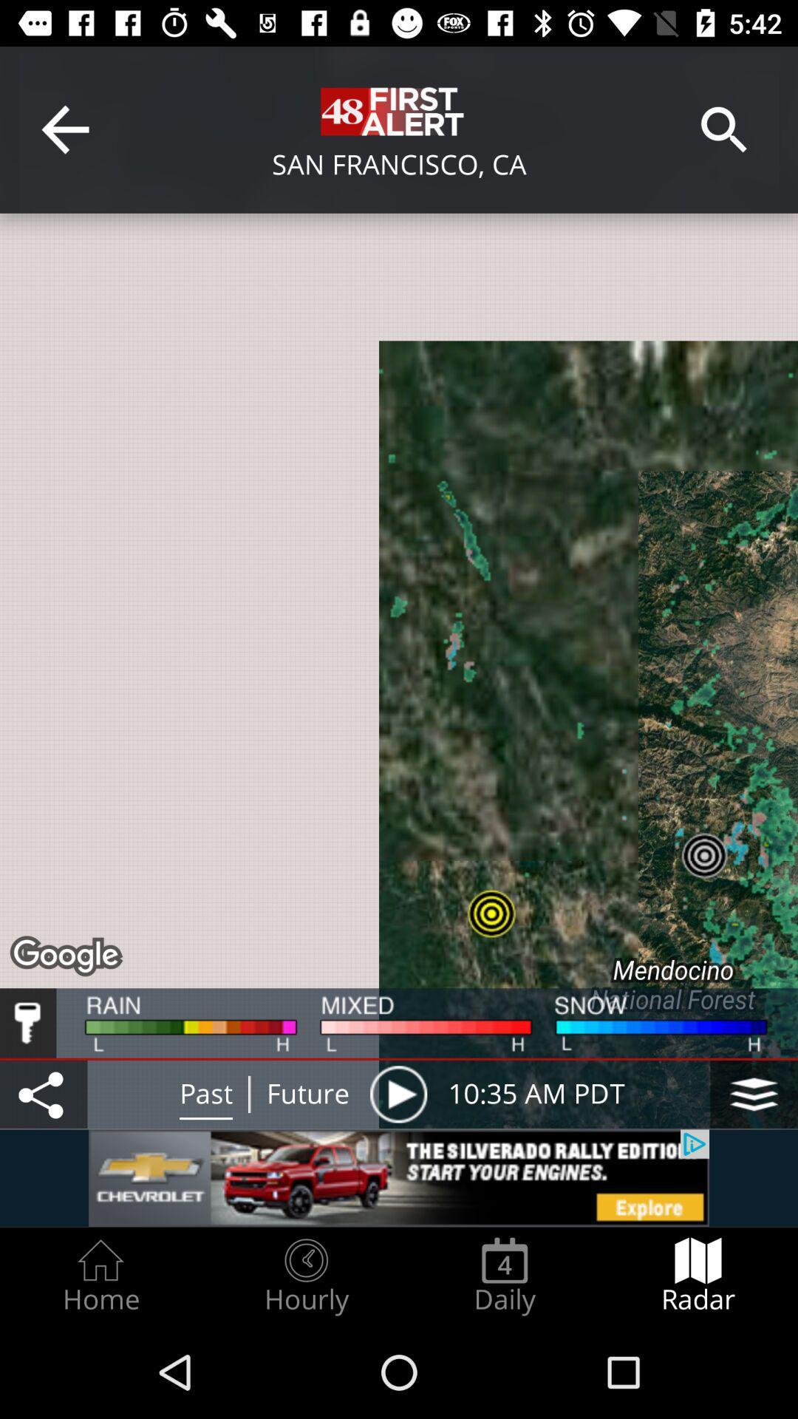  Describe the element at coordinates (754, 1094) in the screenshot. I see `expand button` at that location.